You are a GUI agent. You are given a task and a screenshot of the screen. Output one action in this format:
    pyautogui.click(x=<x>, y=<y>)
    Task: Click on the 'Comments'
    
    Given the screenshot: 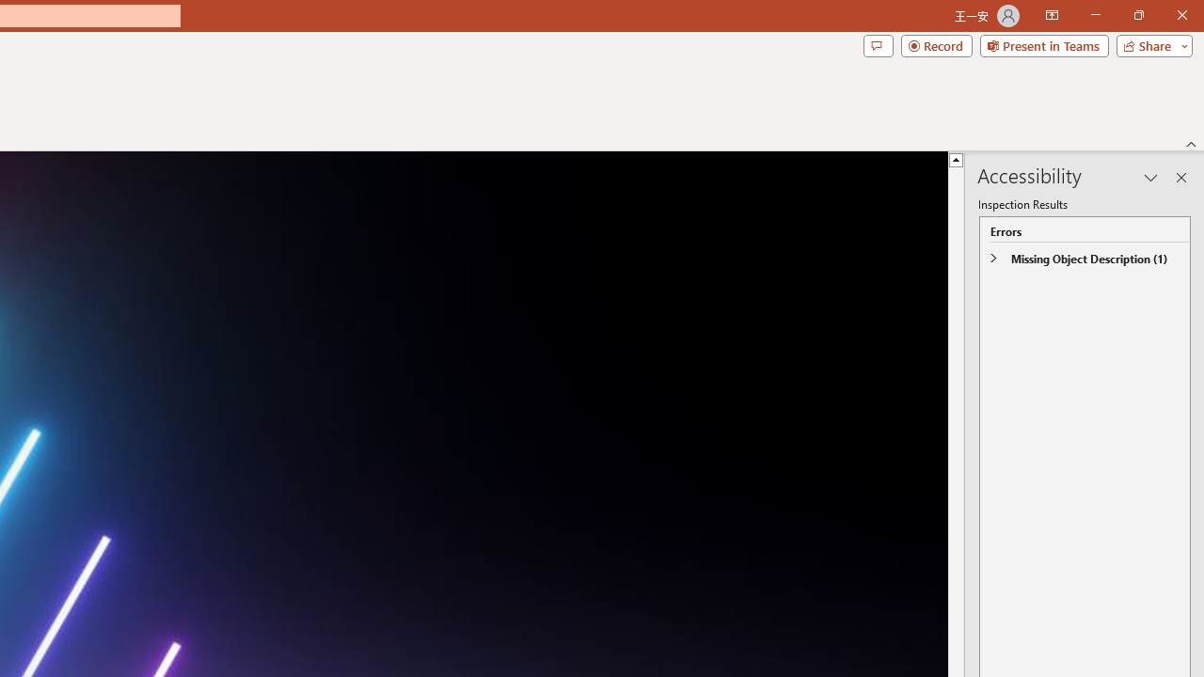 What is the action you would take?
    pyautogui.click(x=877, y=44)
    